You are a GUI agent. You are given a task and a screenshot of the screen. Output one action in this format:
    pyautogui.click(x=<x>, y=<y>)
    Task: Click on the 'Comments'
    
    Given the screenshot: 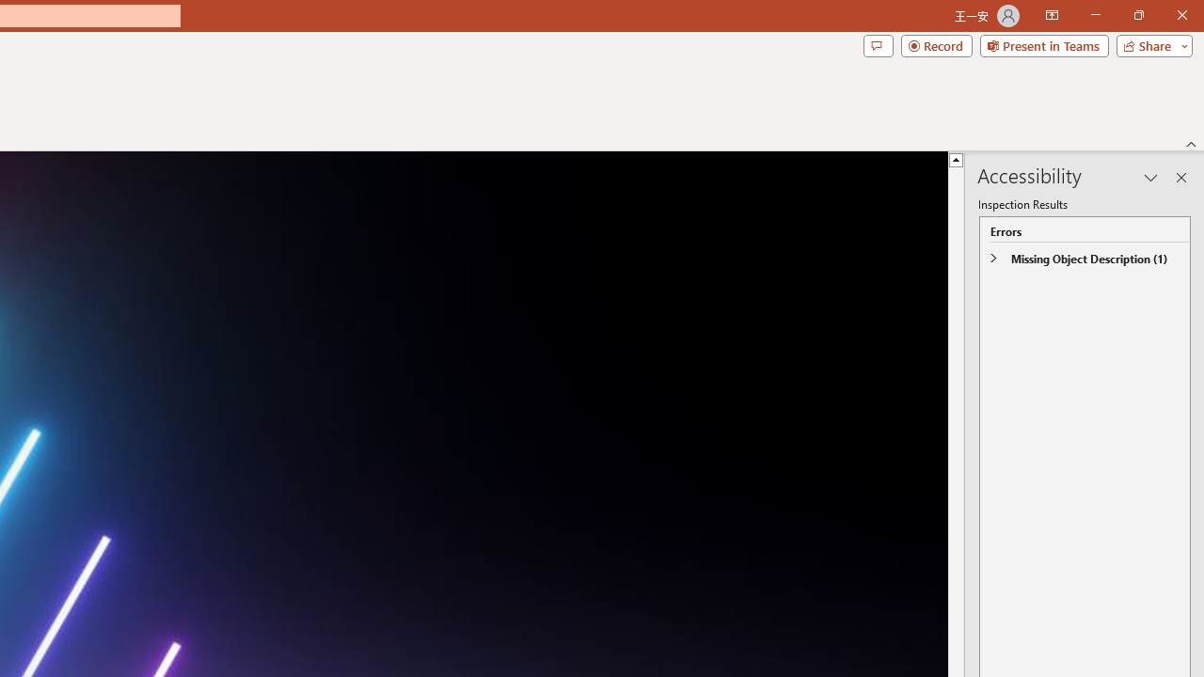 What is the action you would take?
    pyautogui.click(x=877, y=44)
    